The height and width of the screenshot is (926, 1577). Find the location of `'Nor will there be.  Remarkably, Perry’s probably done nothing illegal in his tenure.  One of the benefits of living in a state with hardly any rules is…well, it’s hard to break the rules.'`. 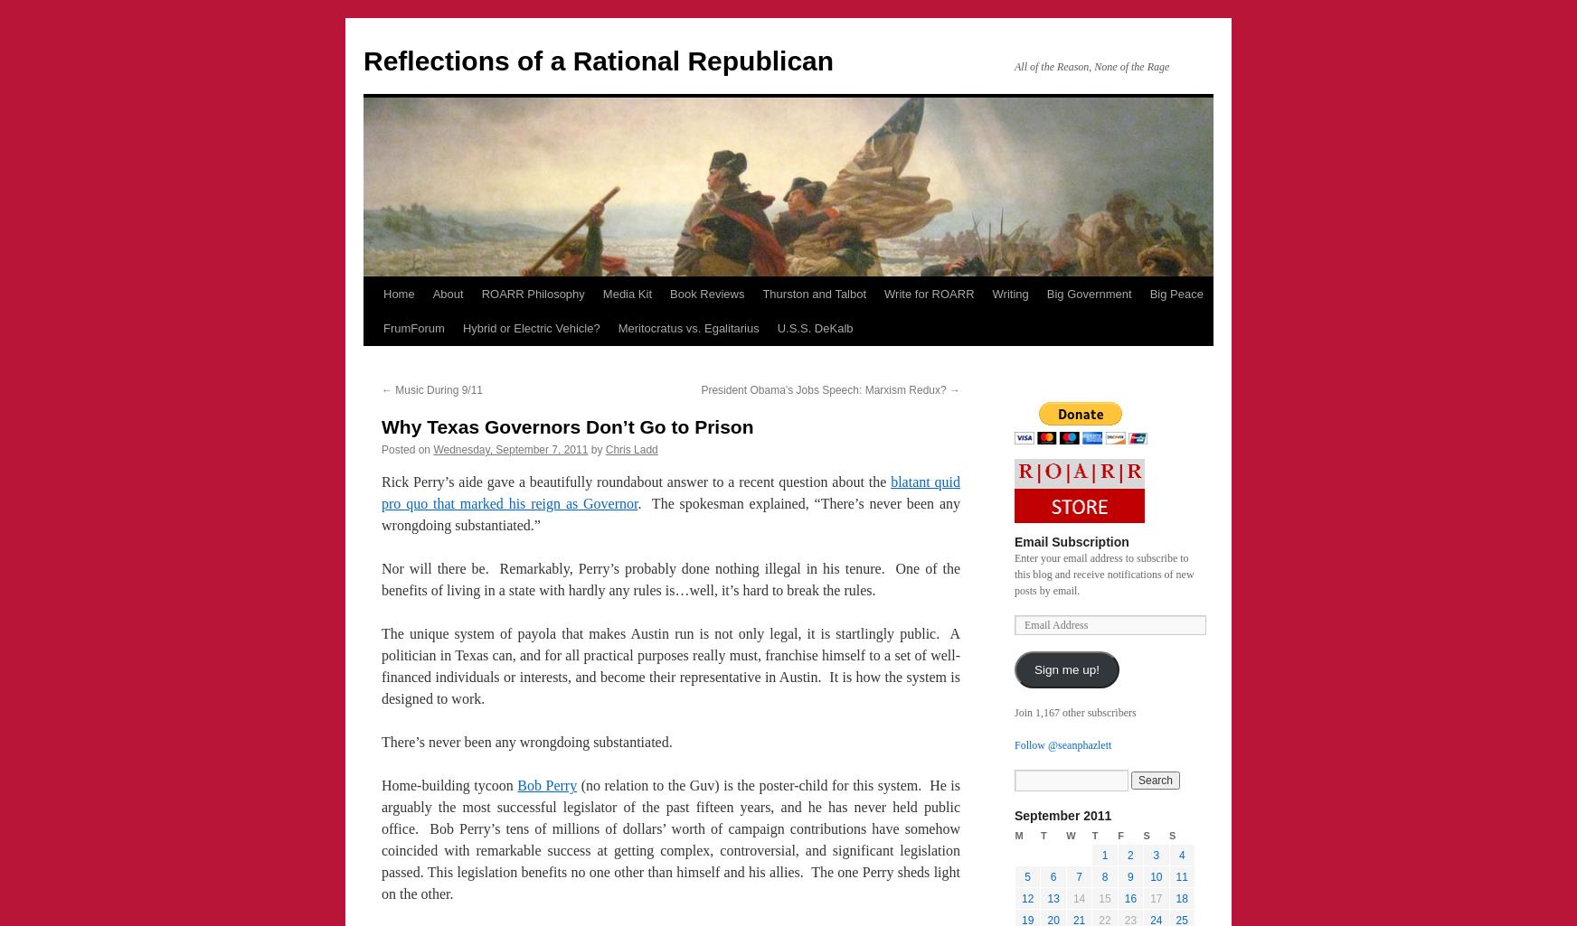

'Nor will there be.  Remarkably, Perry’s probably done nothing illegal in his tenure.  One of the benefits of living in a state with hardly any rules is…well, it’s hard to break the rules.' is located at coordinates (670, 578).